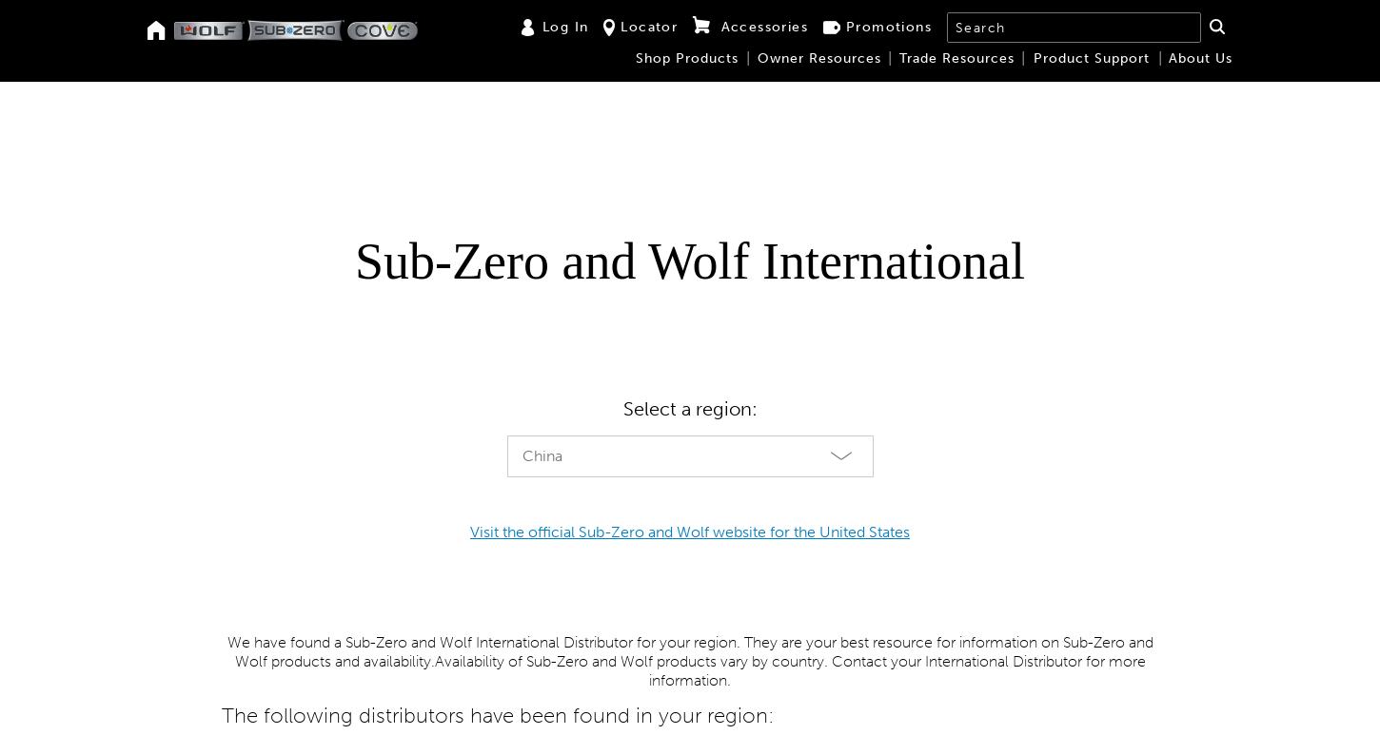 The width and height of the screenshot is (1380, 735). I want to click on 'Looking for', so click(302, 254).